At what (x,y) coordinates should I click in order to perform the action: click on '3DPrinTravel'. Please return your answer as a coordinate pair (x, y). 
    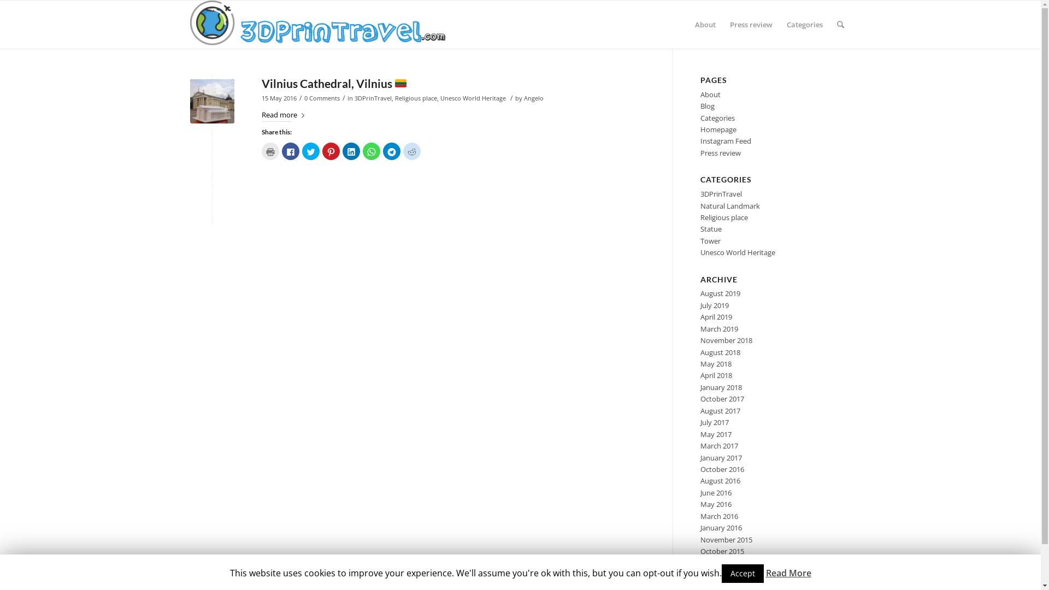
    Looking at the image, I should click on (372, 98).